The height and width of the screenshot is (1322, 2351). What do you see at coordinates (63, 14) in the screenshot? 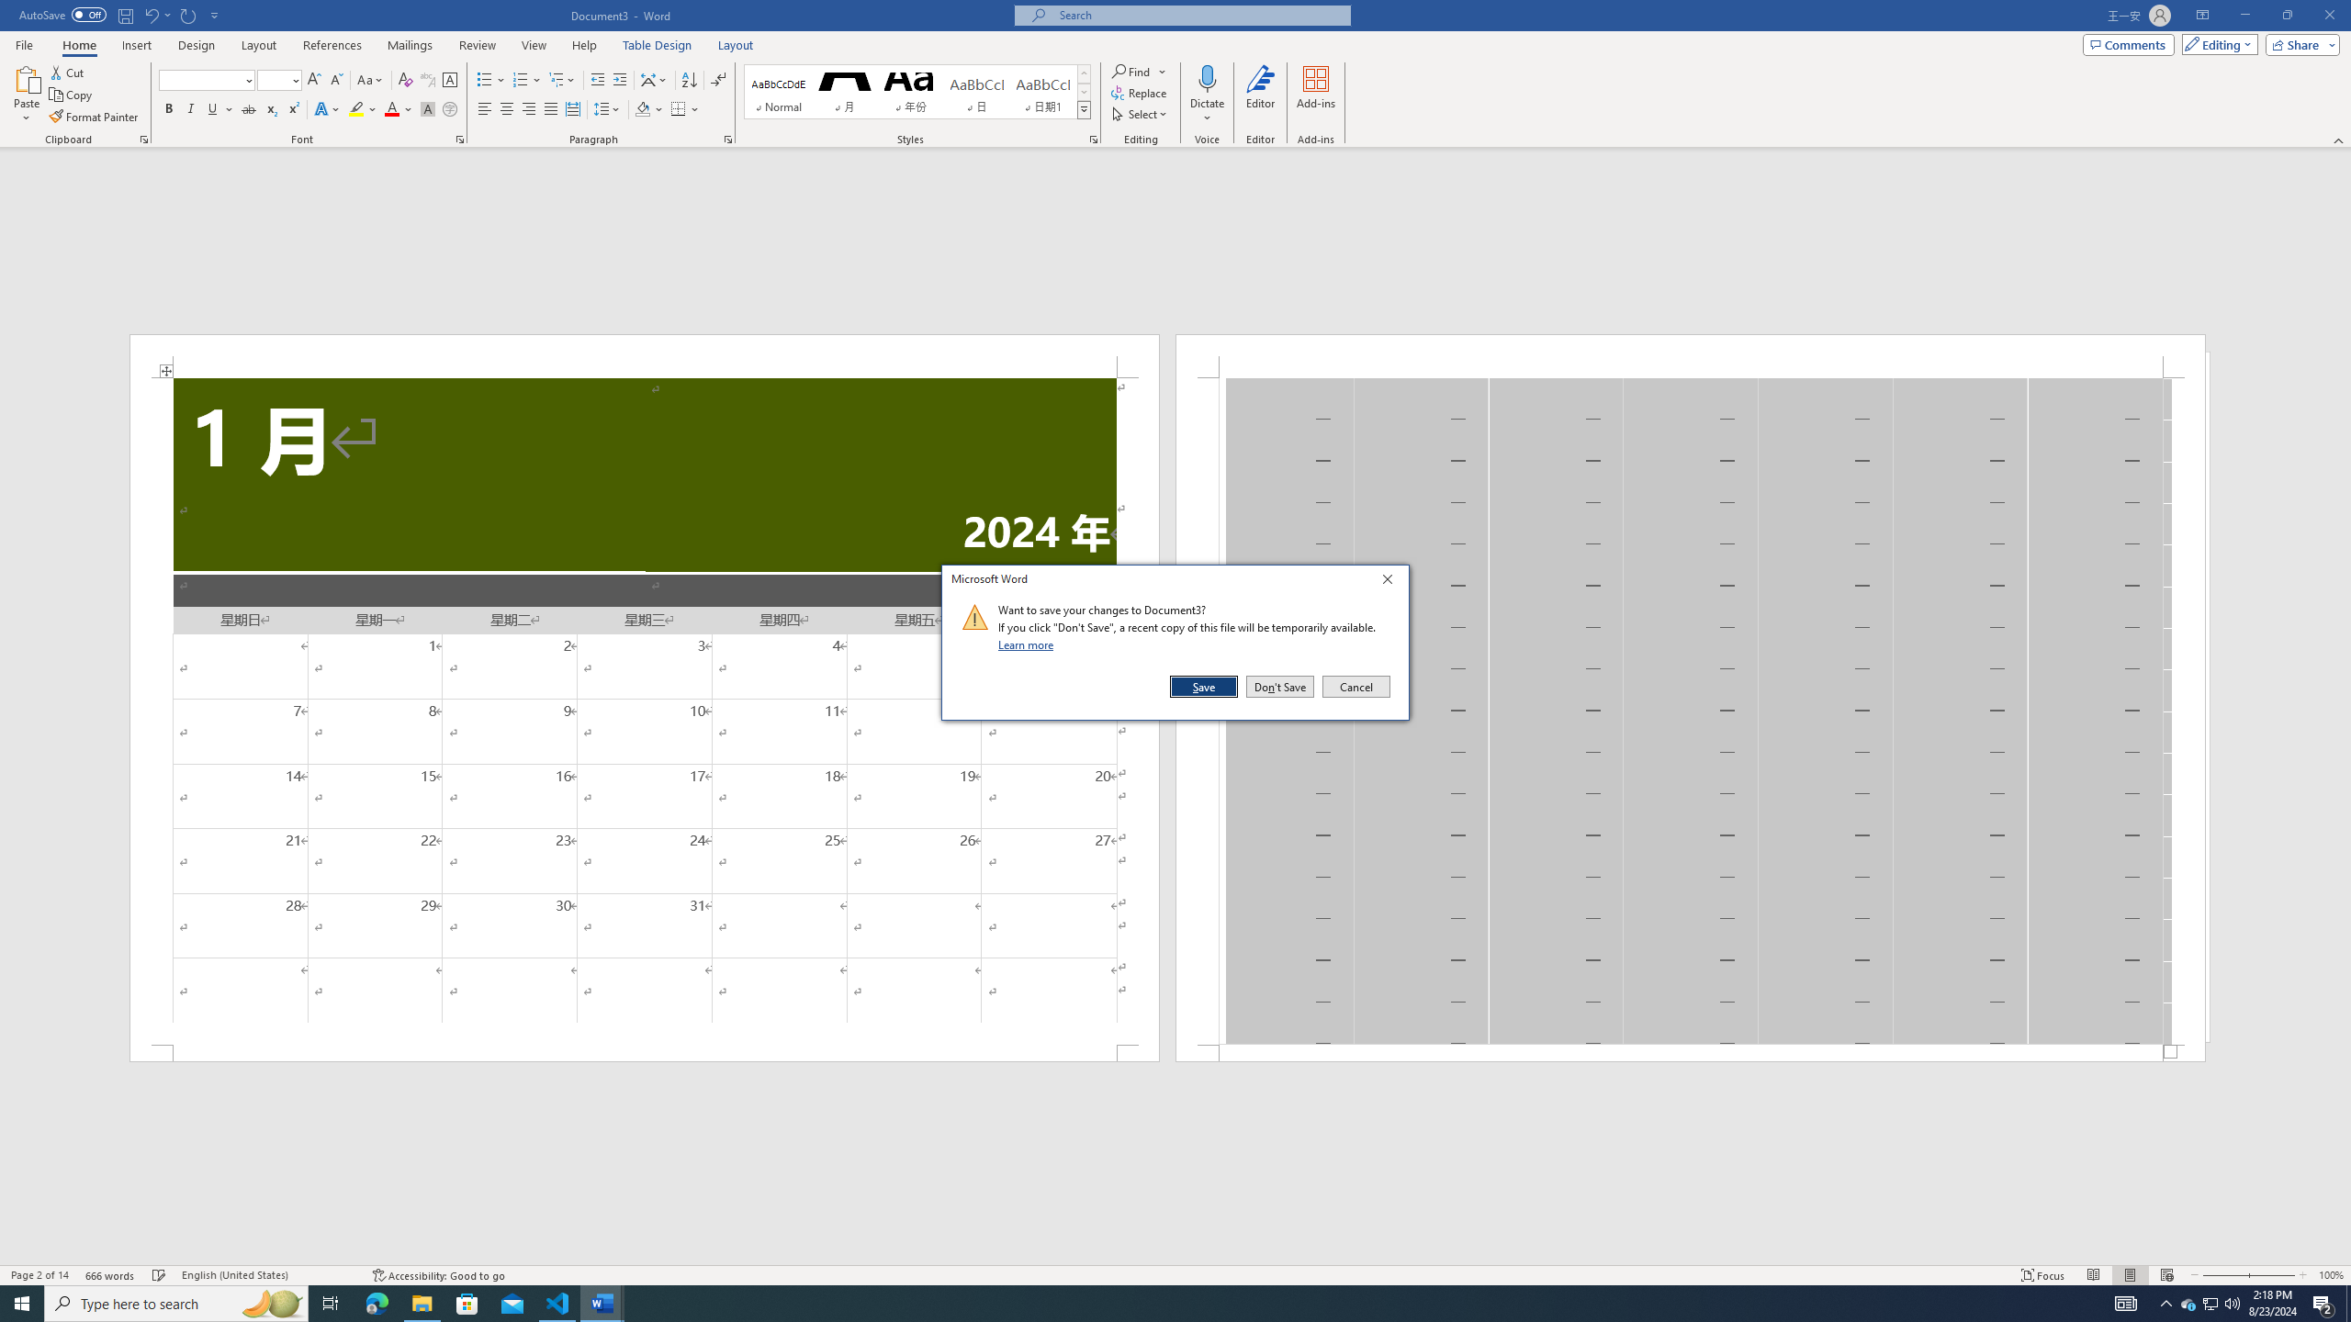
I see `'AutoSave'` at bounding box center [63, 14].